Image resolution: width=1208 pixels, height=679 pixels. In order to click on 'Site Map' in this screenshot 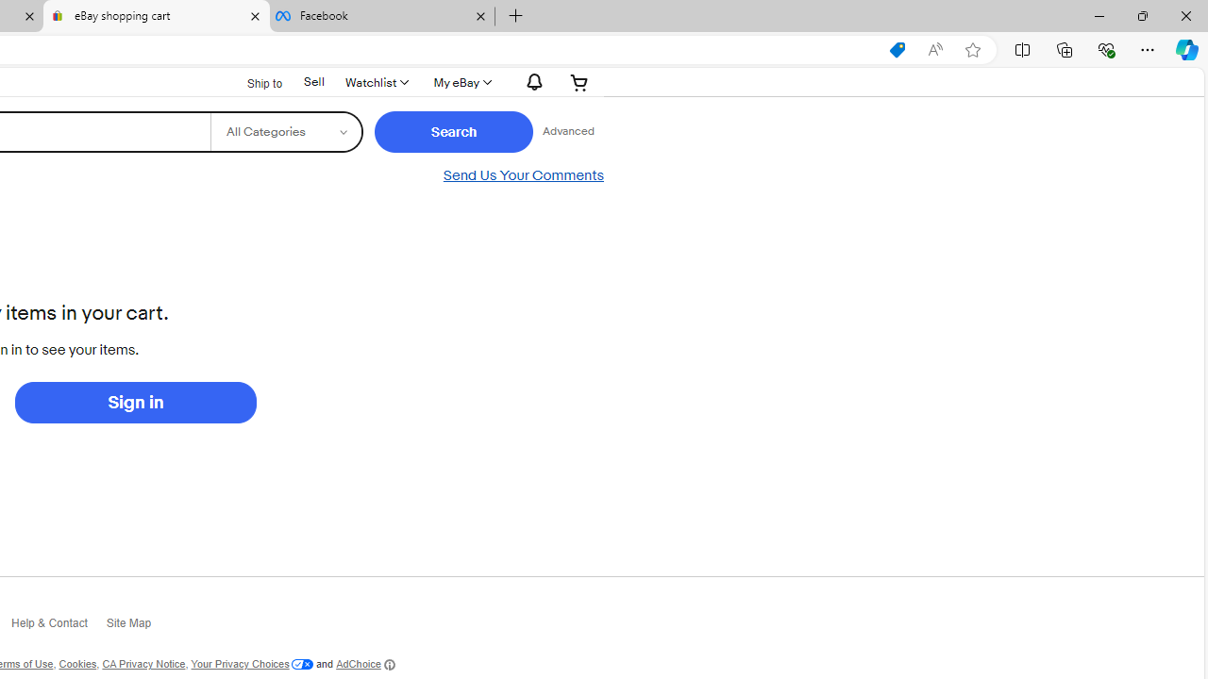, I will do `click(137, 626)`.